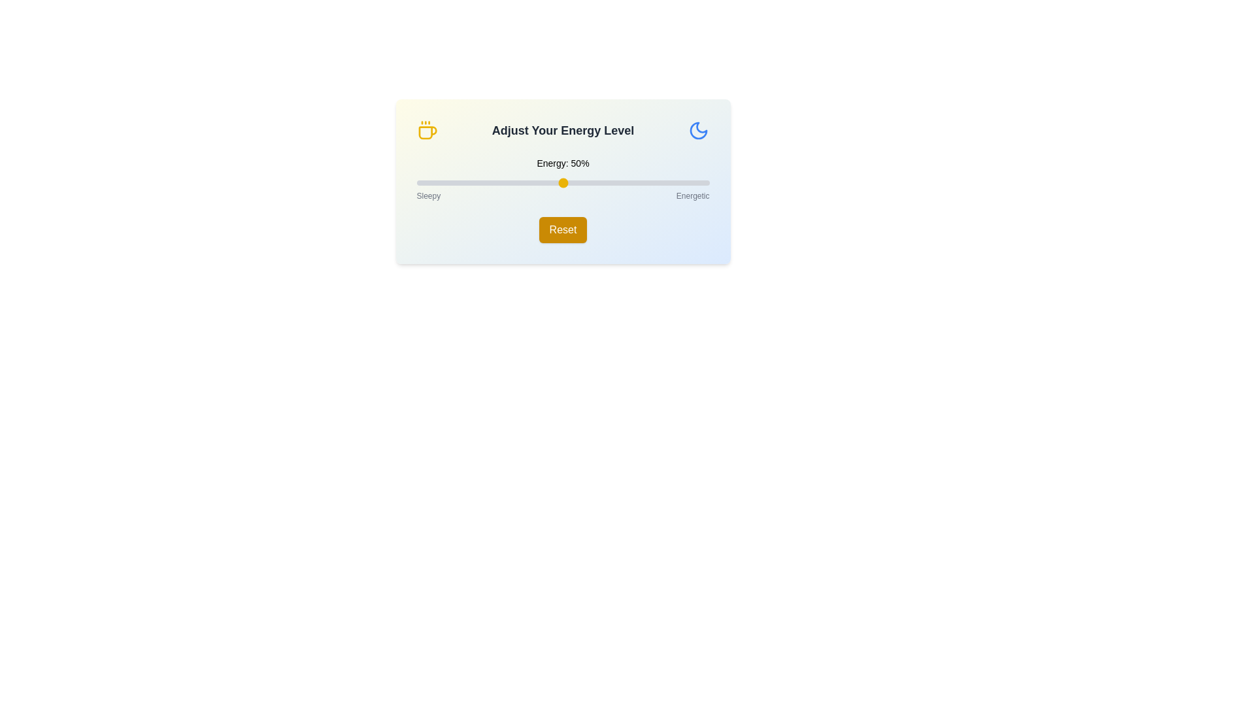 The height and width of the screenshot is (706, 1255). What do you see at coordinates (463, 183) in the screenshot?
I see `the energy level slider to 16%` at bounding box center [463, 183].